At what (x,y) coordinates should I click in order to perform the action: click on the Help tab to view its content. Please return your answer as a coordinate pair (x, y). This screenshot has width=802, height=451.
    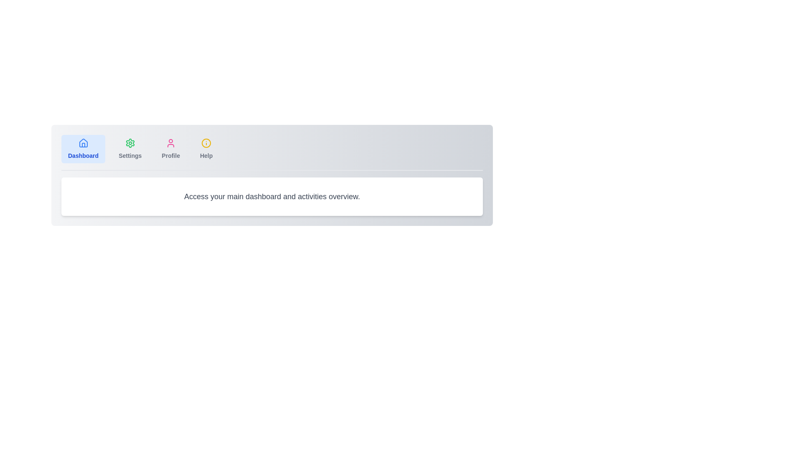
    Looking at the image, I should click on (206, 149).